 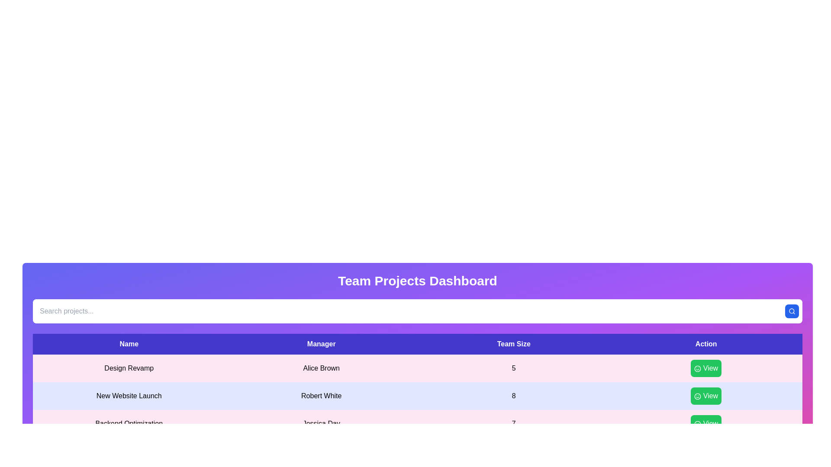 I want to click on the fourth button in the 'Action' column corresponding to the 'Backend Optimization' entry, so click(x=706, y=423).